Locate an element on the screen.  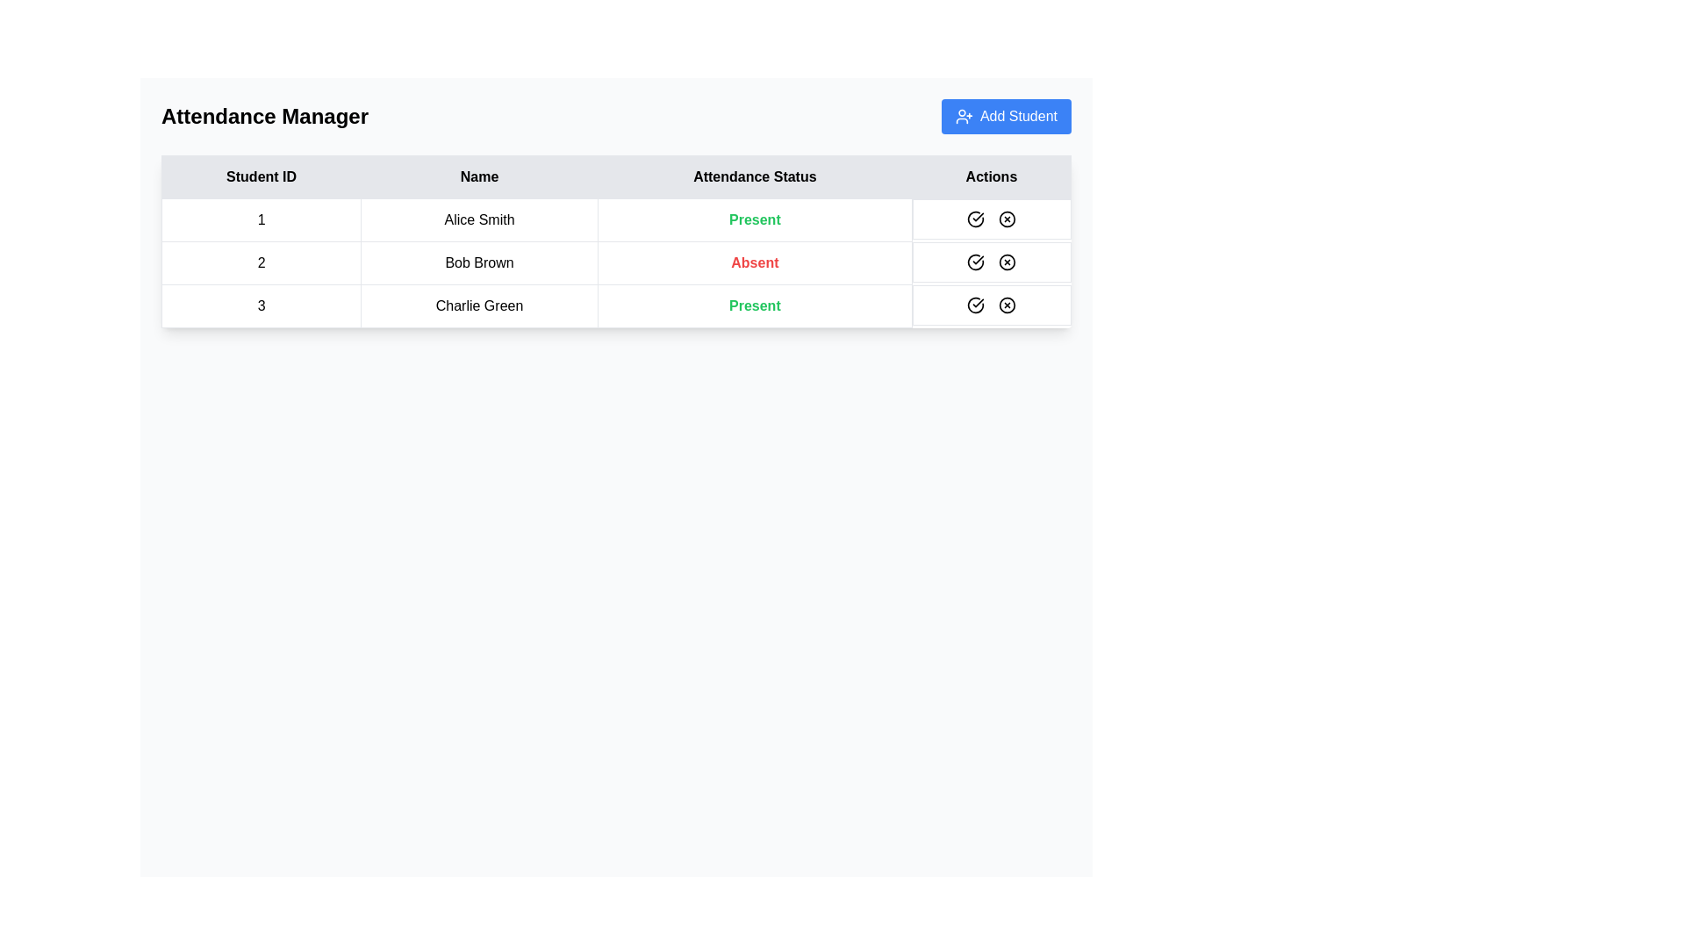
the leftmost circular checkmark icon in the 'Actions' column of the row for 'Charlie Green' is located at coordinates (975, 262).